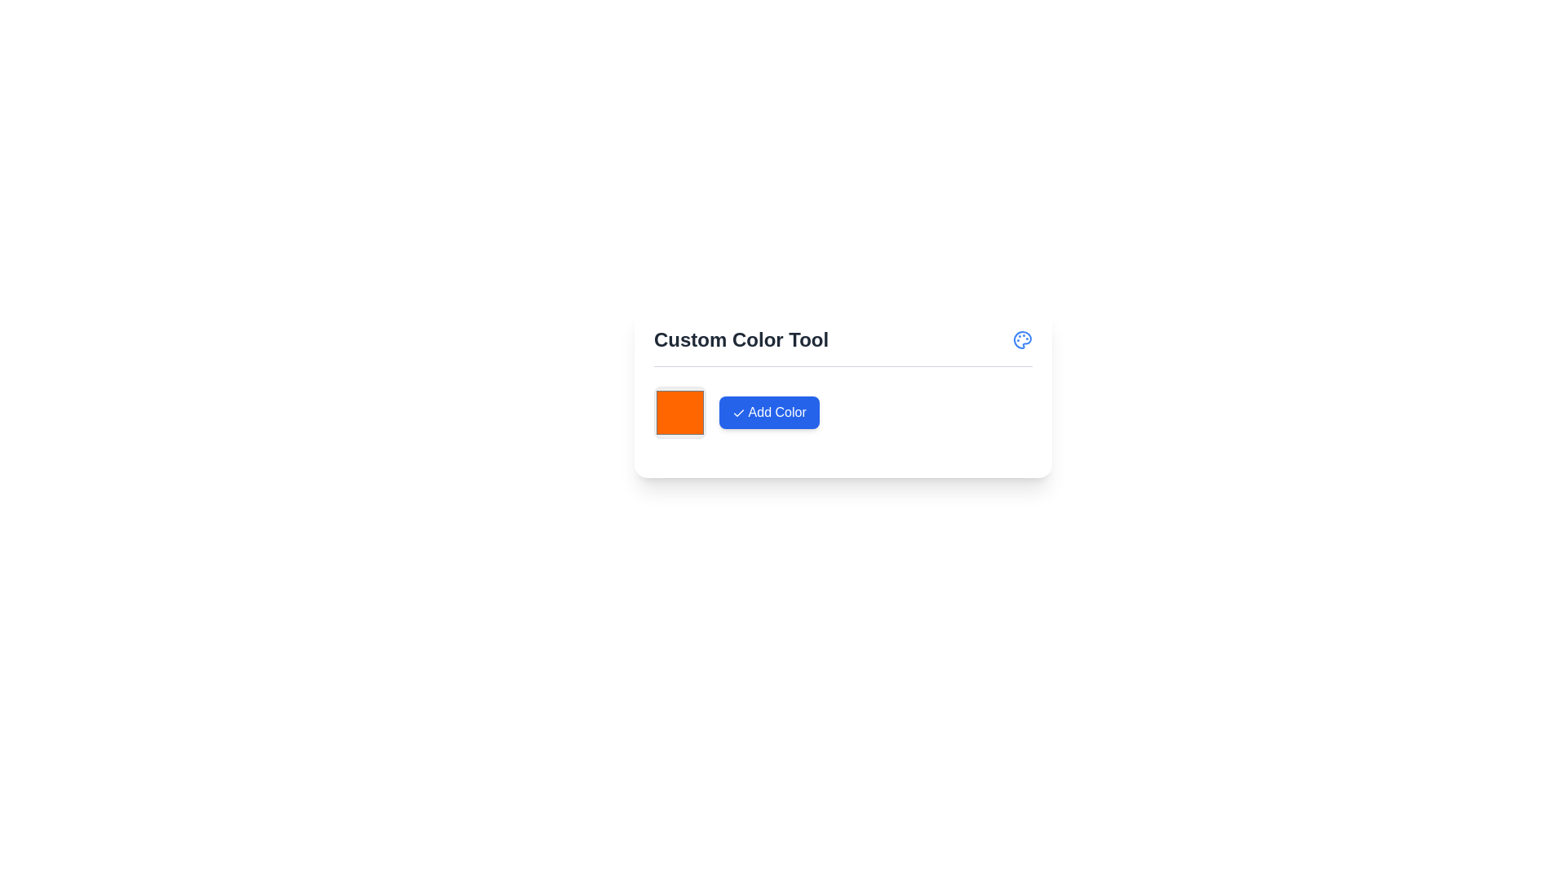 This screenshot has height=881, width=1566. What do you see at coordinates (1021, 339) in the screenshot?
I see `the color selection icon located at the top-right corner of the 'Custom Color Tool' section` at bounding box center [1021, 339].